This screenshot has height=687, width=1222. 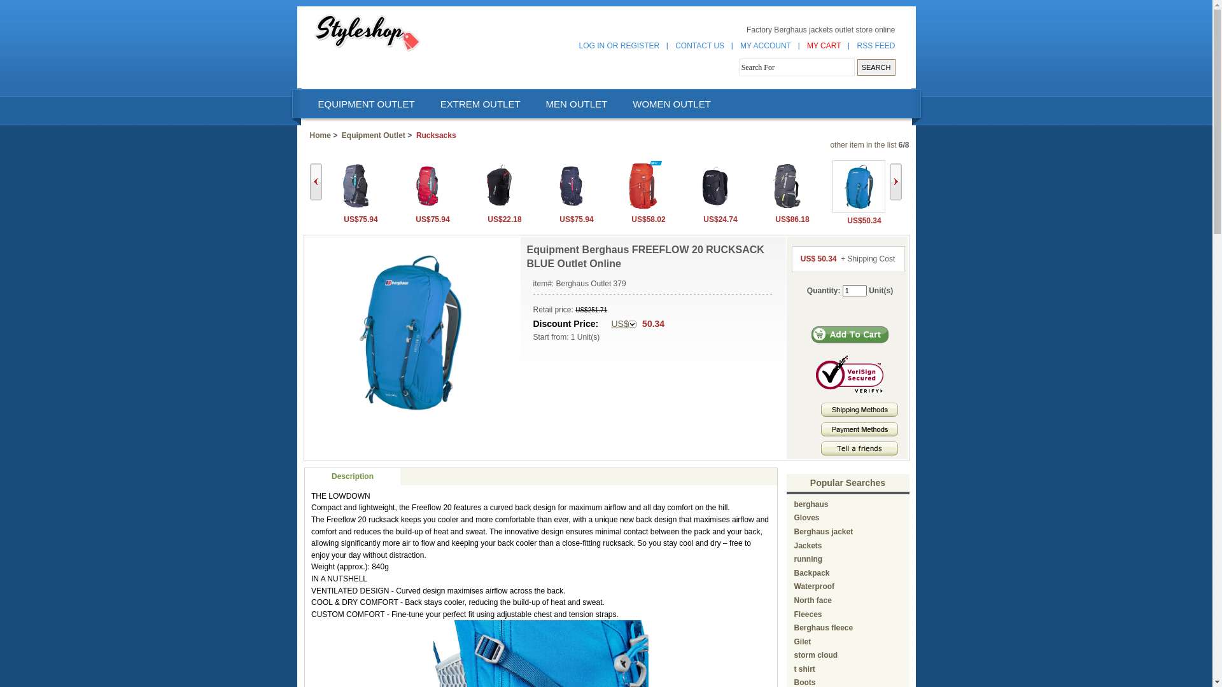 I want to click on 'EQUIPMENT OUTLET', so click(x=365, y=103).